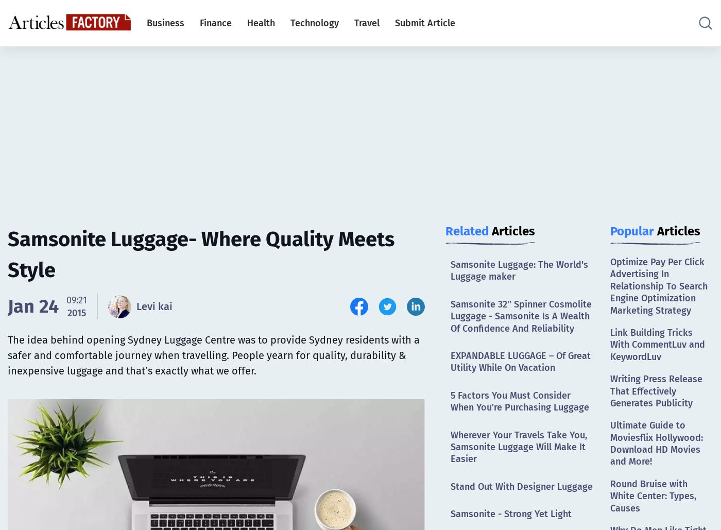  What do you see at coordinates (7, 355) in the screenshot?
I see `'The idea behind opening Sydney Luggage Centre was to provide Sydney residents with a safer and comfortable journey when travelling. People yearn for quality, durability & inexpensive luggage and that’s exactly what we offer.'` at bounding box center [7, 355].